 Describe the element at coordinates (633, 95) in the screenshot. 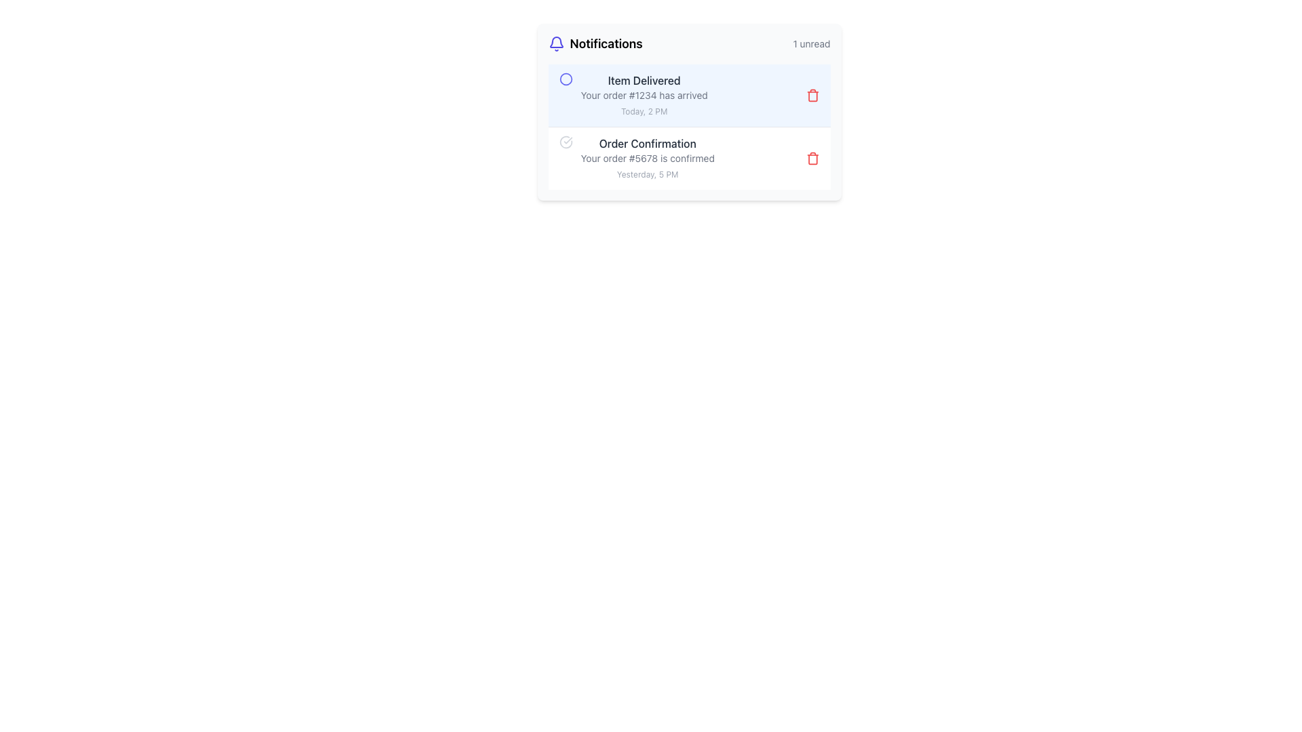

I see `the first notification item in the notifications list panel` at that location.